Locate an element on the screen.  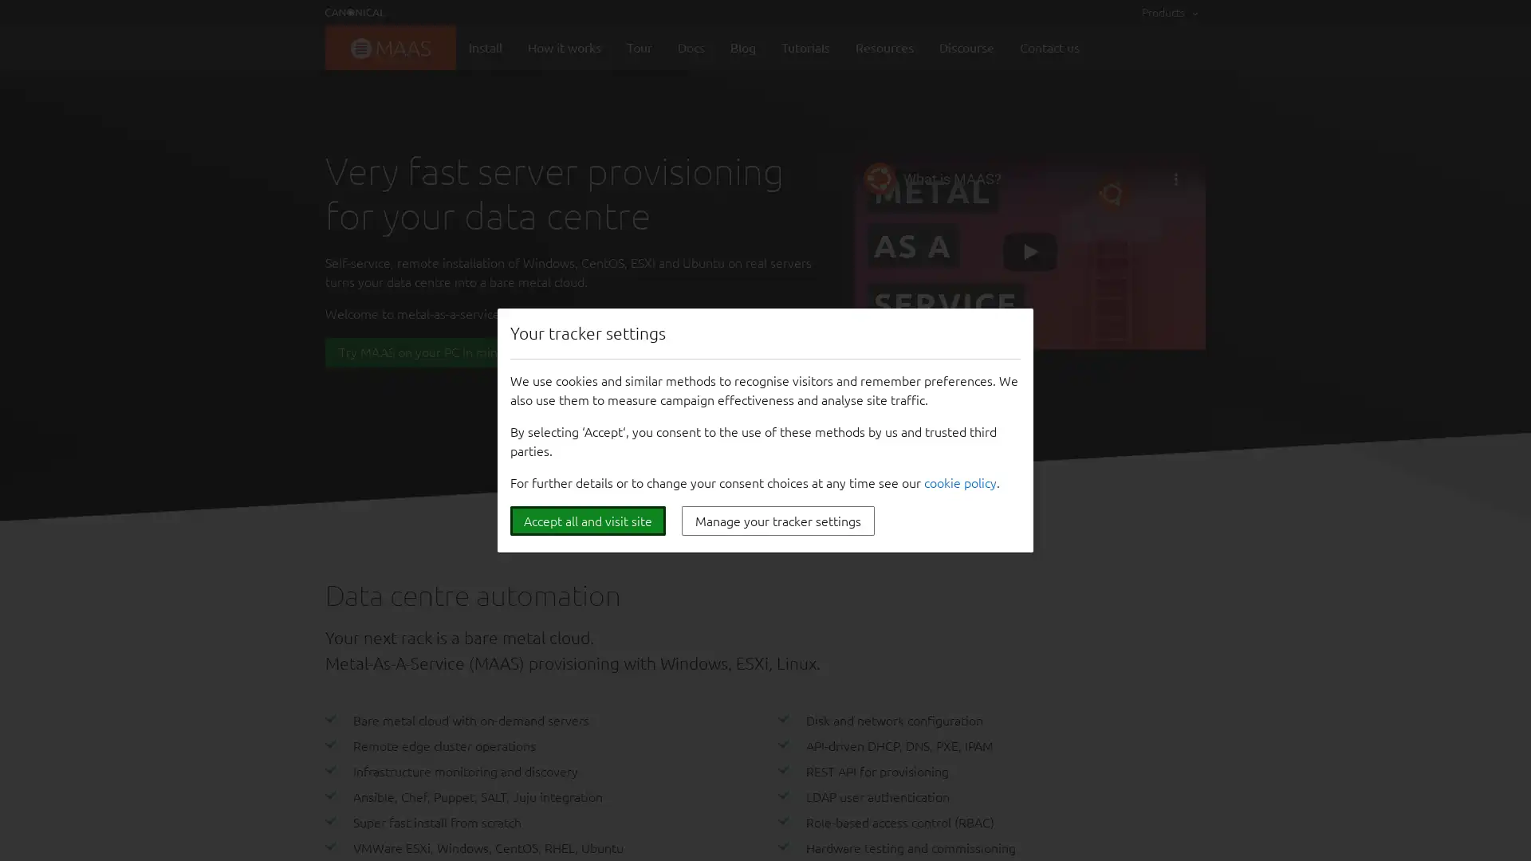
Accept all and visit site is located at coordinates (587, 521).